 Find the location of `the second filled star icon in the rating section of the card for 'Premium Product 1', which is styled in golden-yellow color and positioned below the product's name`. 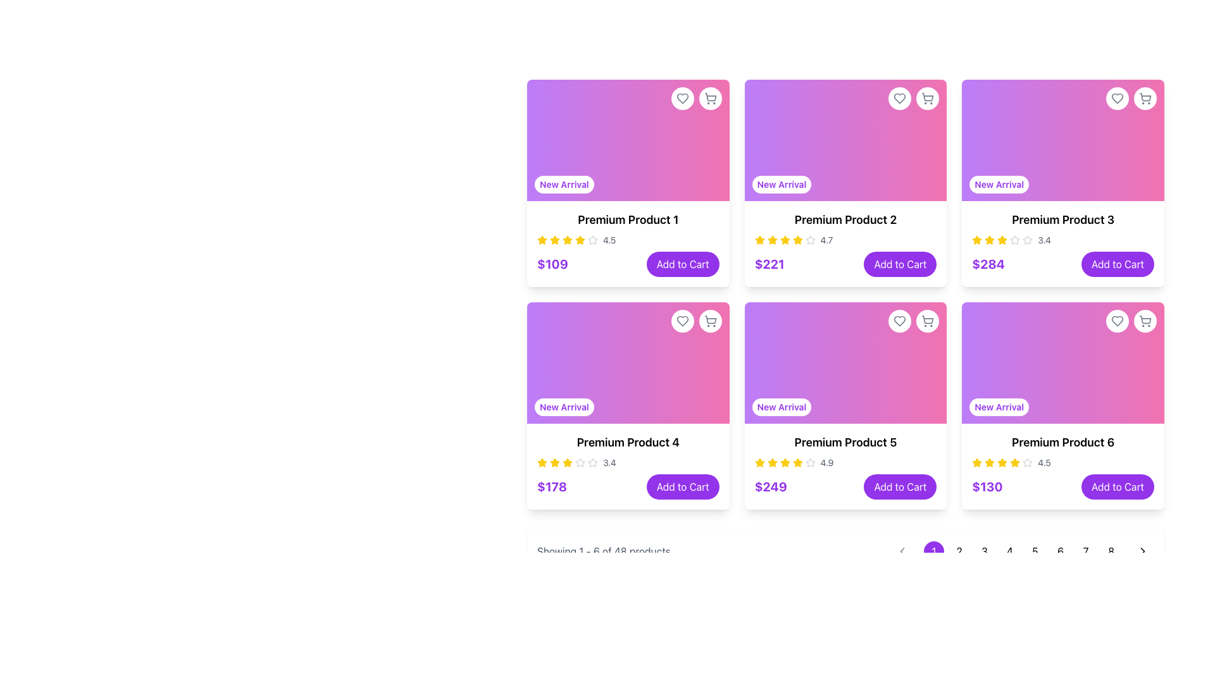

the second filled star icon in the rating section of the card for 'Premium Product 1', which is styled in golden-yellow color and positioned below the product's name is located at coordinates (567, 240).